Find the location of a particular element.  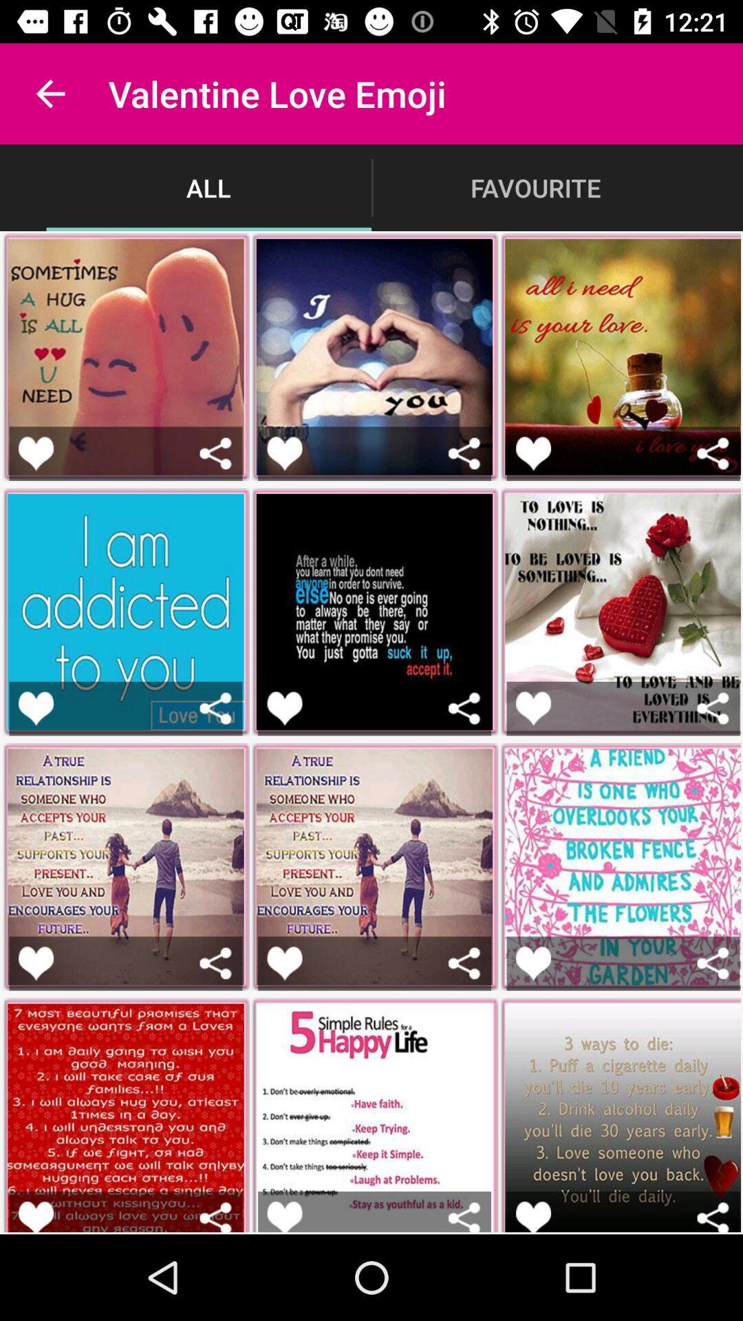

share the post is located at coordinates (464, 453).